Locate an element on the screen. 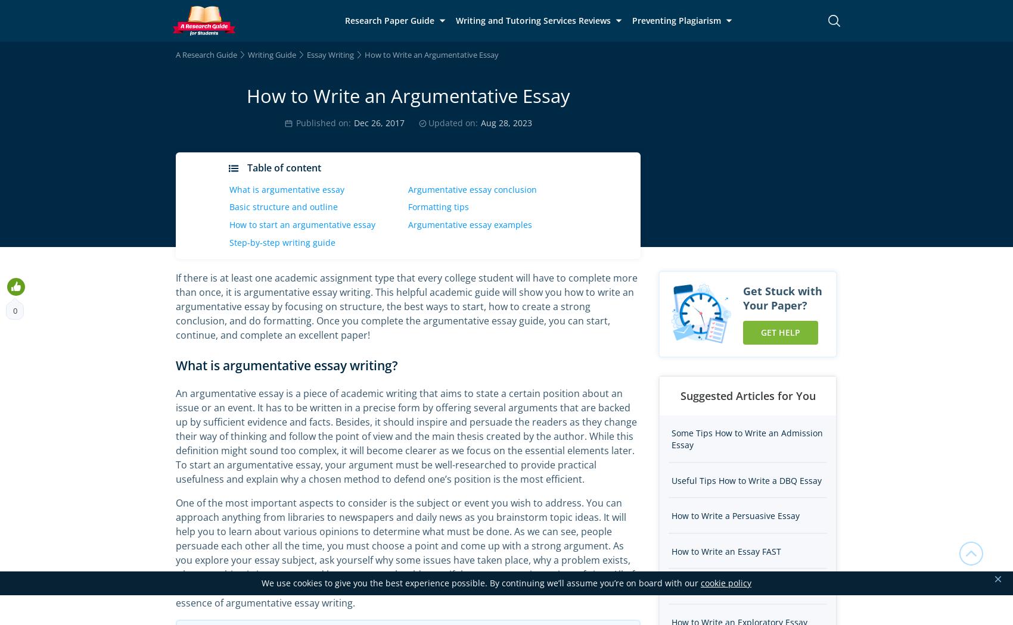 The height and width of the screenshot is (625, 1013). 'We use cookies to give you the best experience possible. By continuing we’ll assume you’re on board with our' is located at coordinates (480, 583).